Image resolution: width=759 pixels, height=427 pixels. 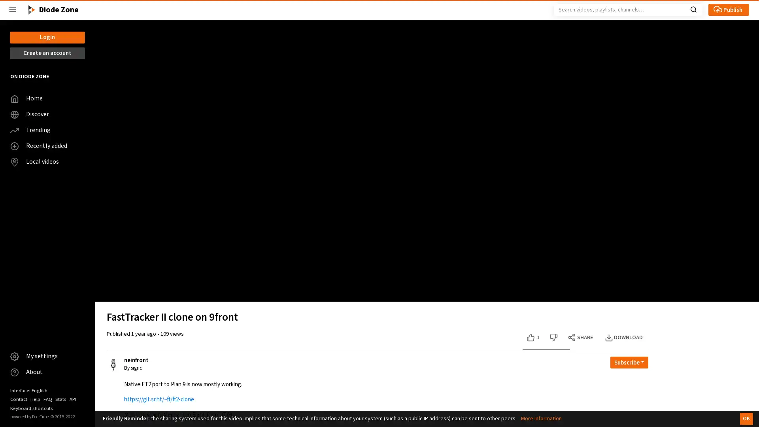 What do you see at coordinates (581, 337) in the screenshot?
I see `SHARE` at bounding box center [581, 337].